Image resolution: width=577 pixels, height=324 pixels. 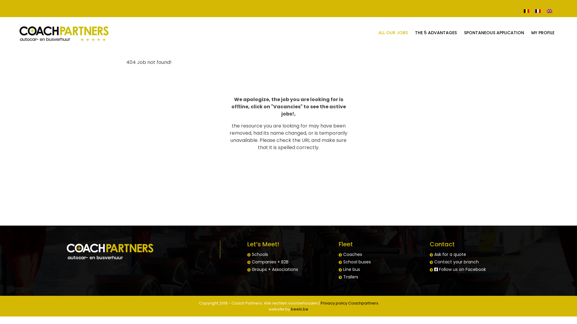 What do you see at coordinates (532, 10) in the screenshot?
I see `'French'` at bounding box center [532, 10].